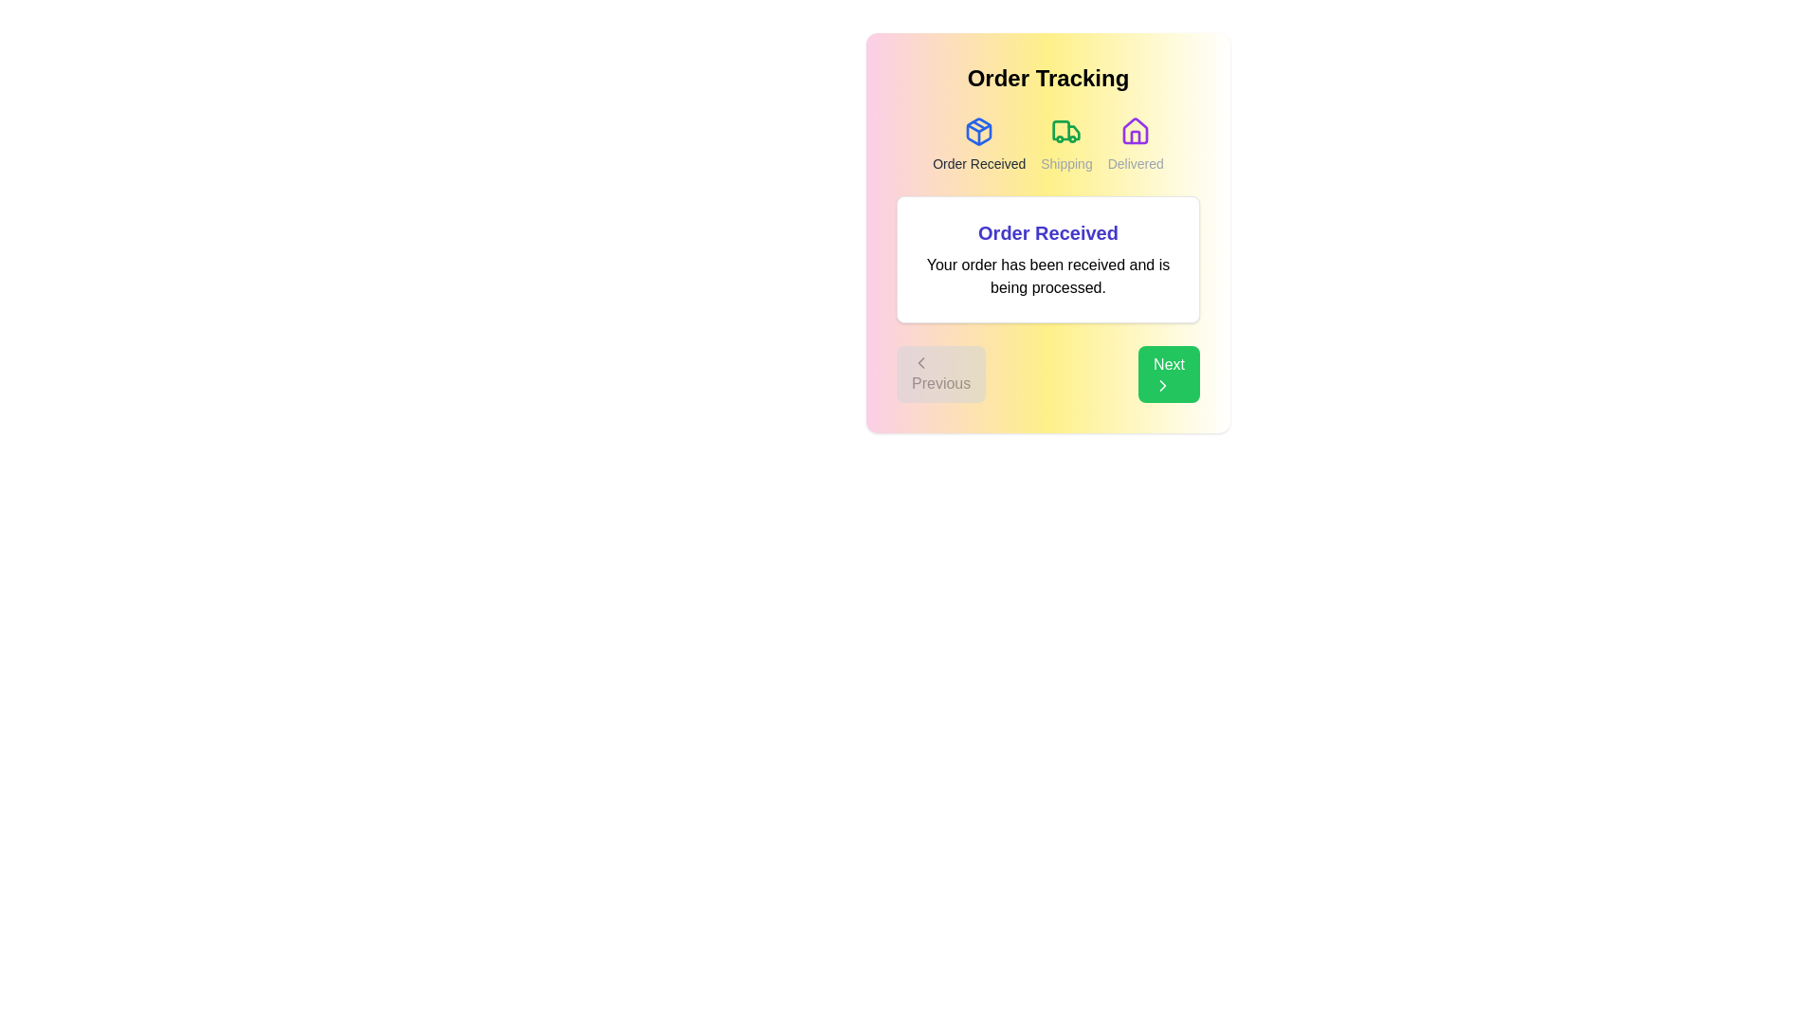 The width and height of the screenshot is (1820, 1024). What do you see at coordinates (979, 130) in the screenshot?
I see `the icon for the Order Received step in the order tracking process` at bounding box center [979, 130].